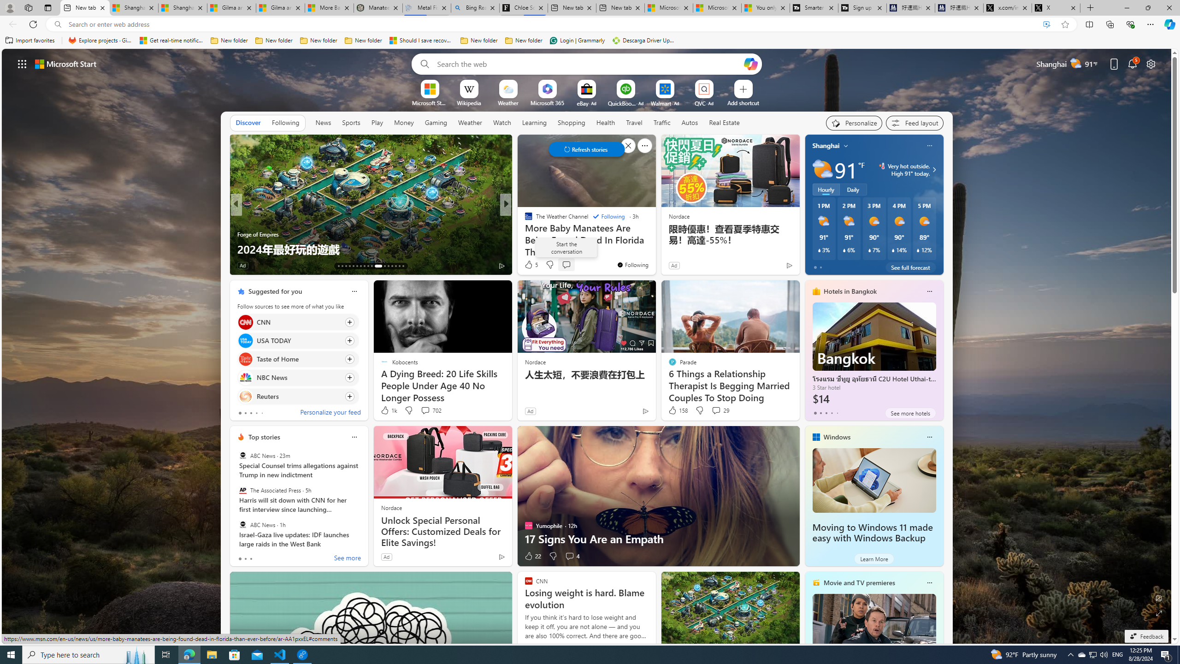 This screenshot has height=664, width=1180. Describe the element at coordinates (399, 266) in the screenshot. I see `'AutomationID: tab-41'` at that location.